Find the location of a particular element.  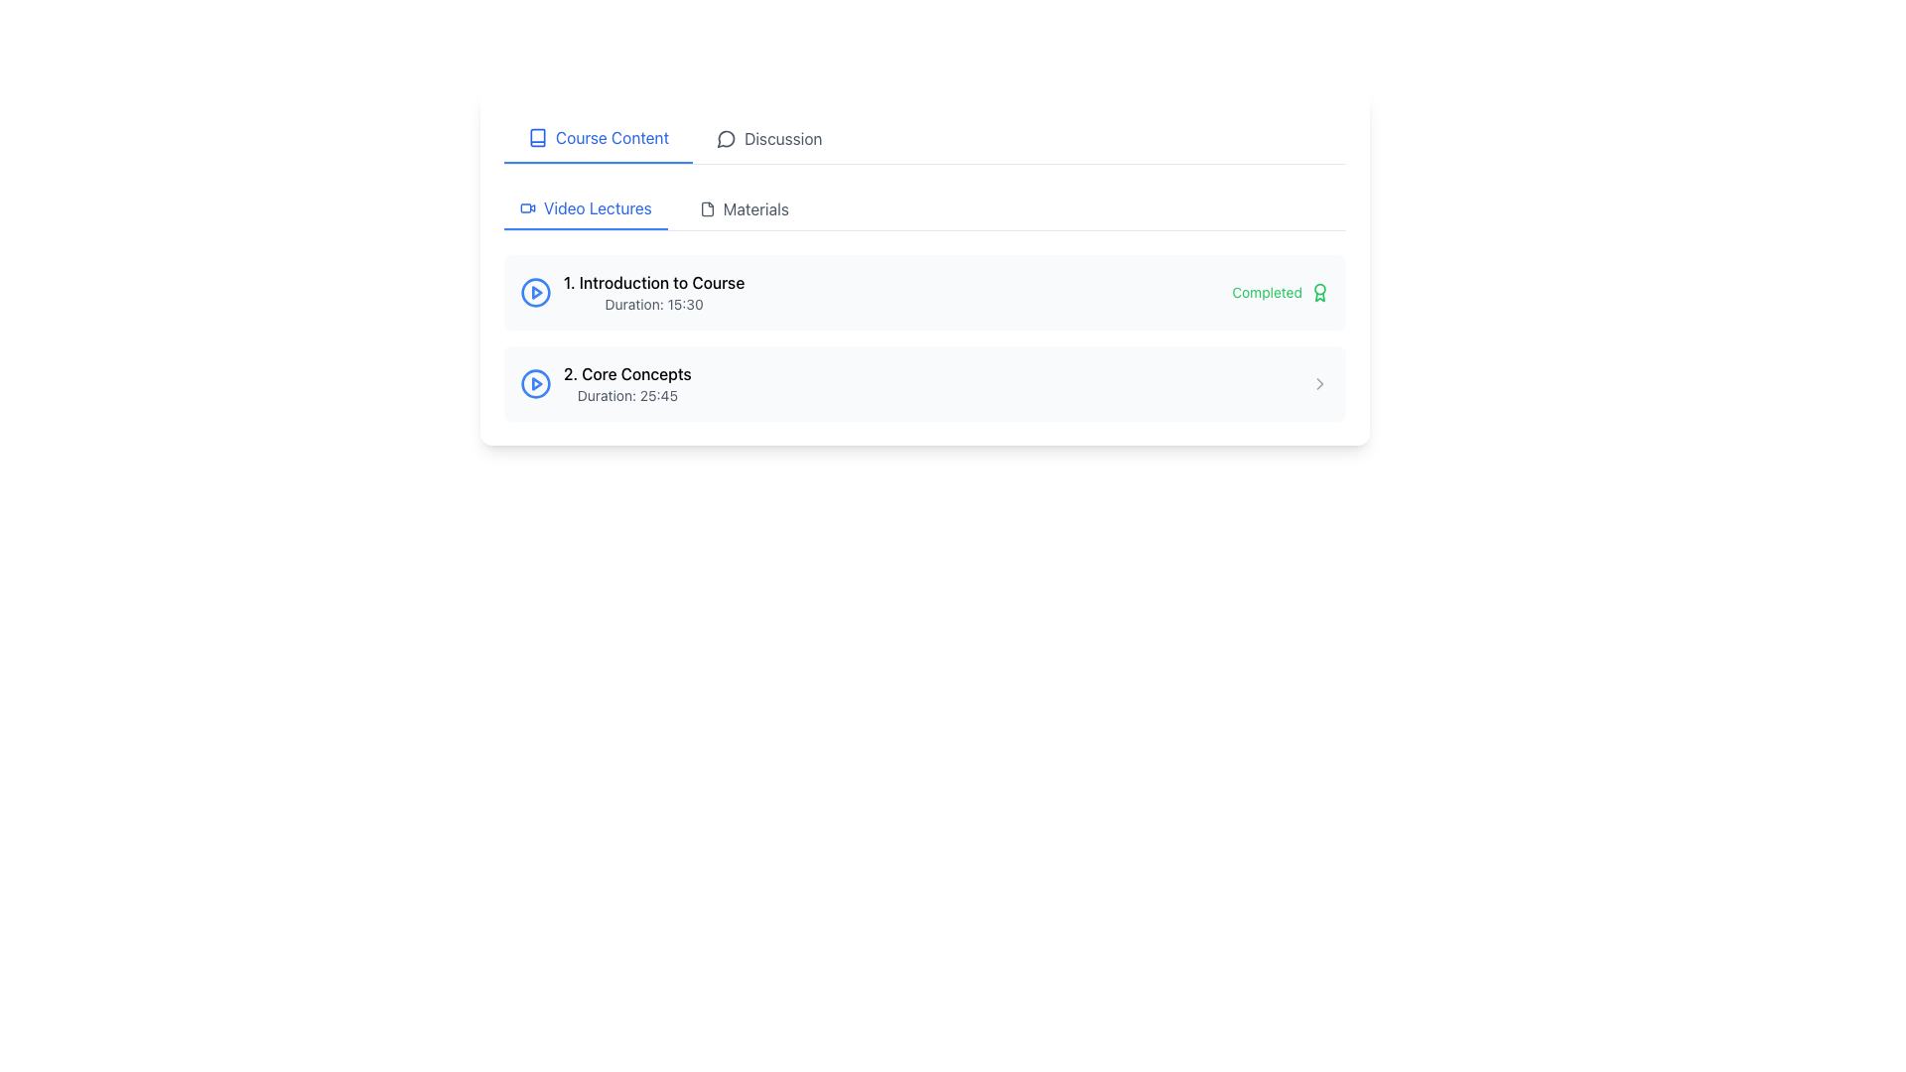

the second list item representing a video lecture is located at coordinates (923, 383).